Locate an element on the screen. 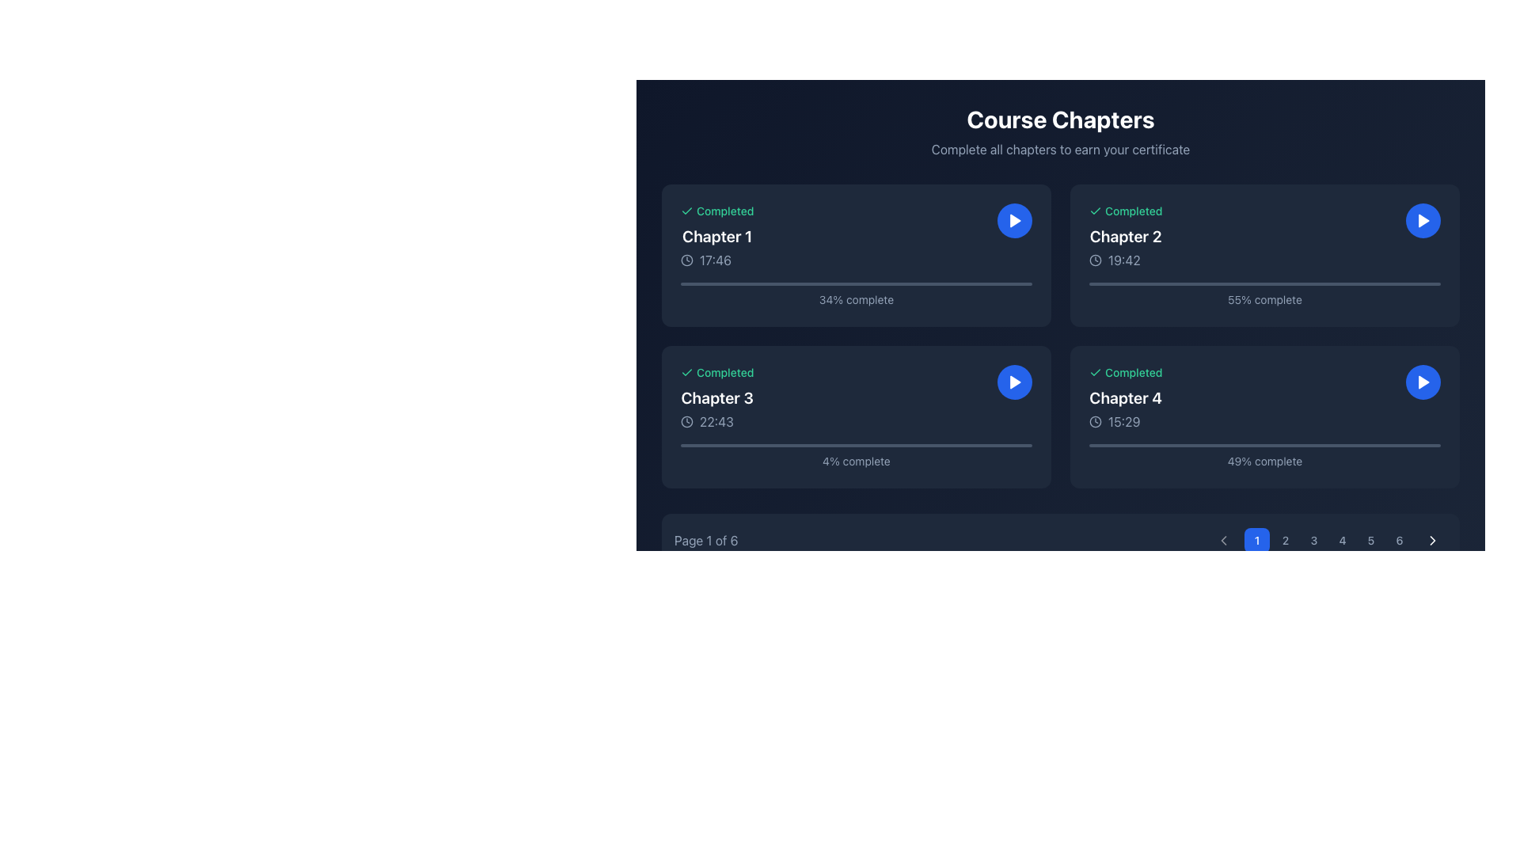 The image size is (1520, 855). the chapter status card, which is the second item in the top row of the grid layout, displaying its completion percentage, title, and duration is located at coordinates (1264, 255).